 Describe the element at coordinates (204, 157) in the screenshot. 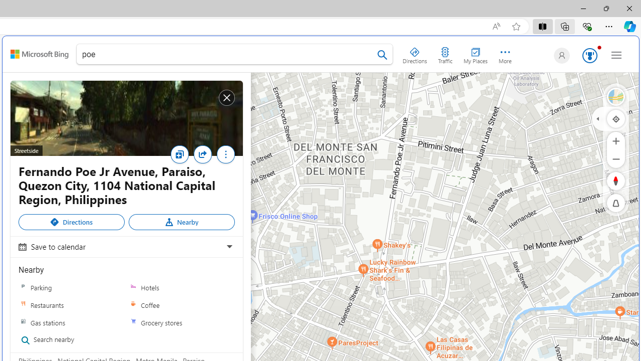

I see `'Share'` at that location.